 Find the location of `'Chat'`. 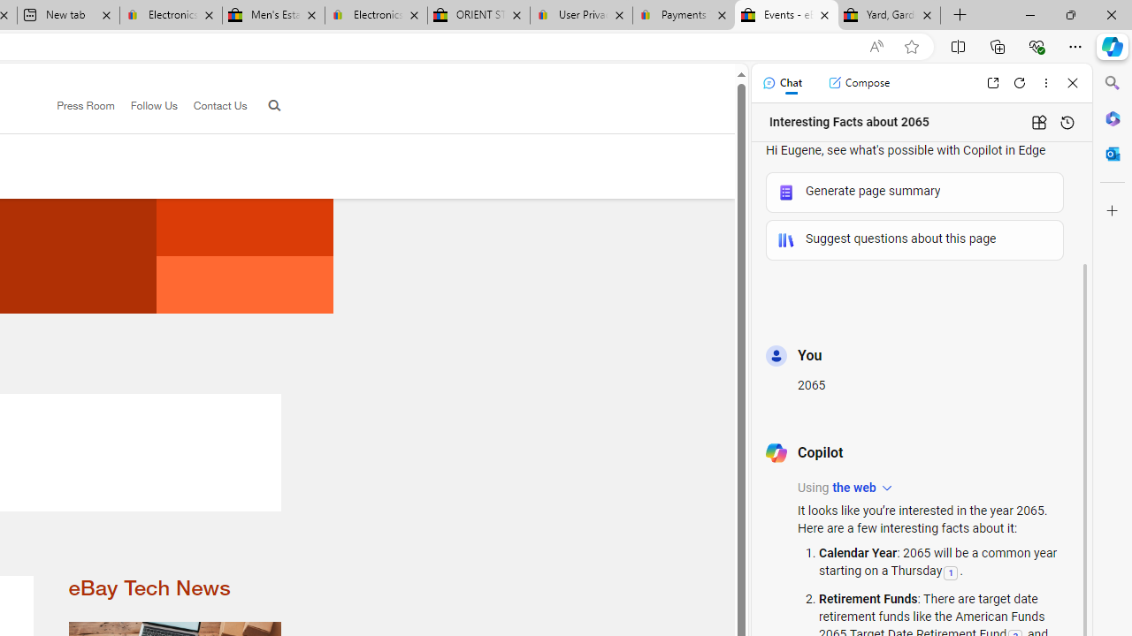

'Chat' is located at coordinates (781, 82).